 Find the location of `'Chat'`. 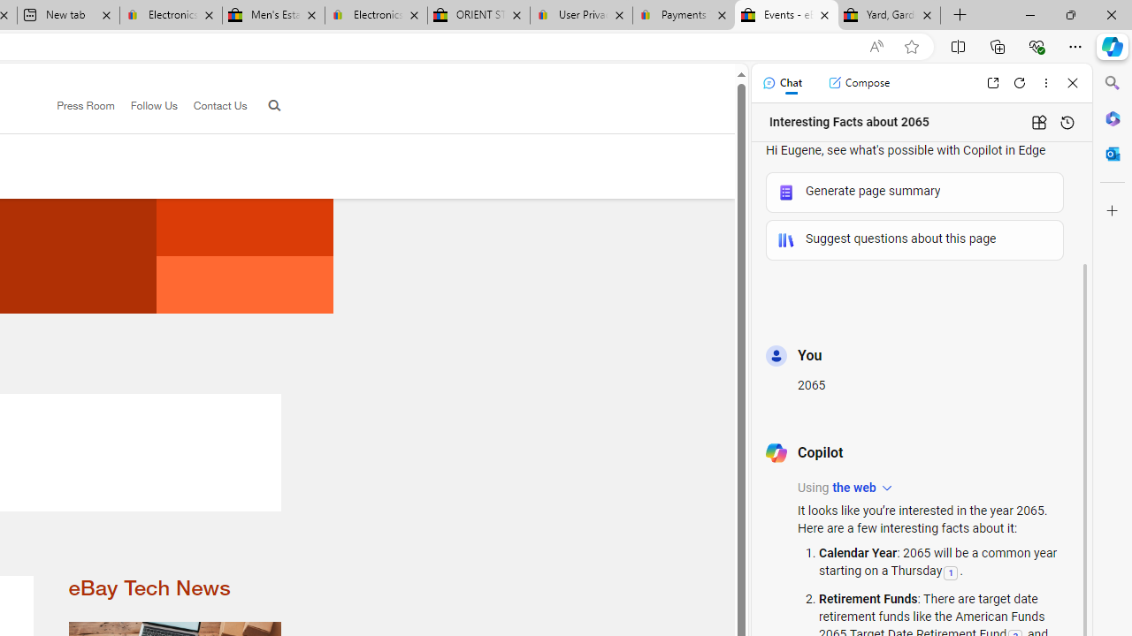

'Chat' is located at coordinates (781, 82).